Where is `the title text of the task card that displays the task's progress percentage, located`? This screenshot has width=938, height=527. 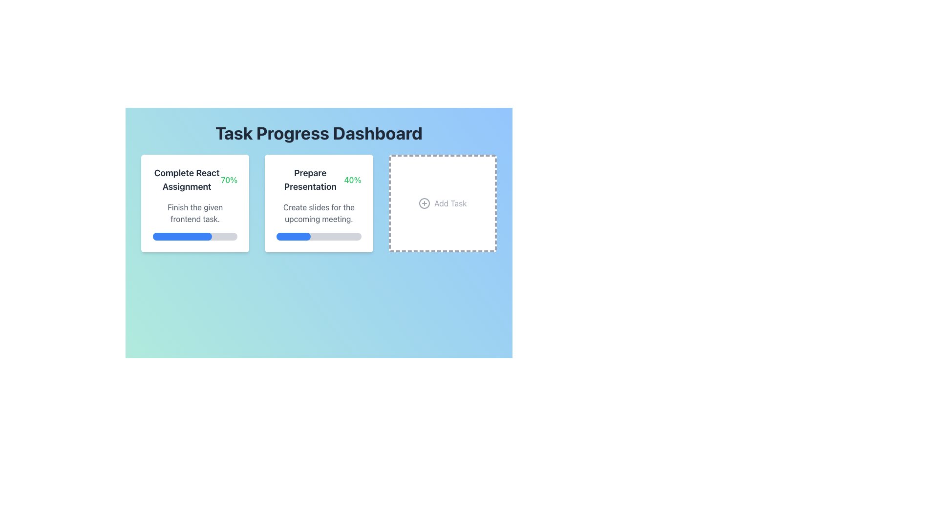
the title text of the task card that displays the task's progress percentage, located is located at coordinates (319, 180).